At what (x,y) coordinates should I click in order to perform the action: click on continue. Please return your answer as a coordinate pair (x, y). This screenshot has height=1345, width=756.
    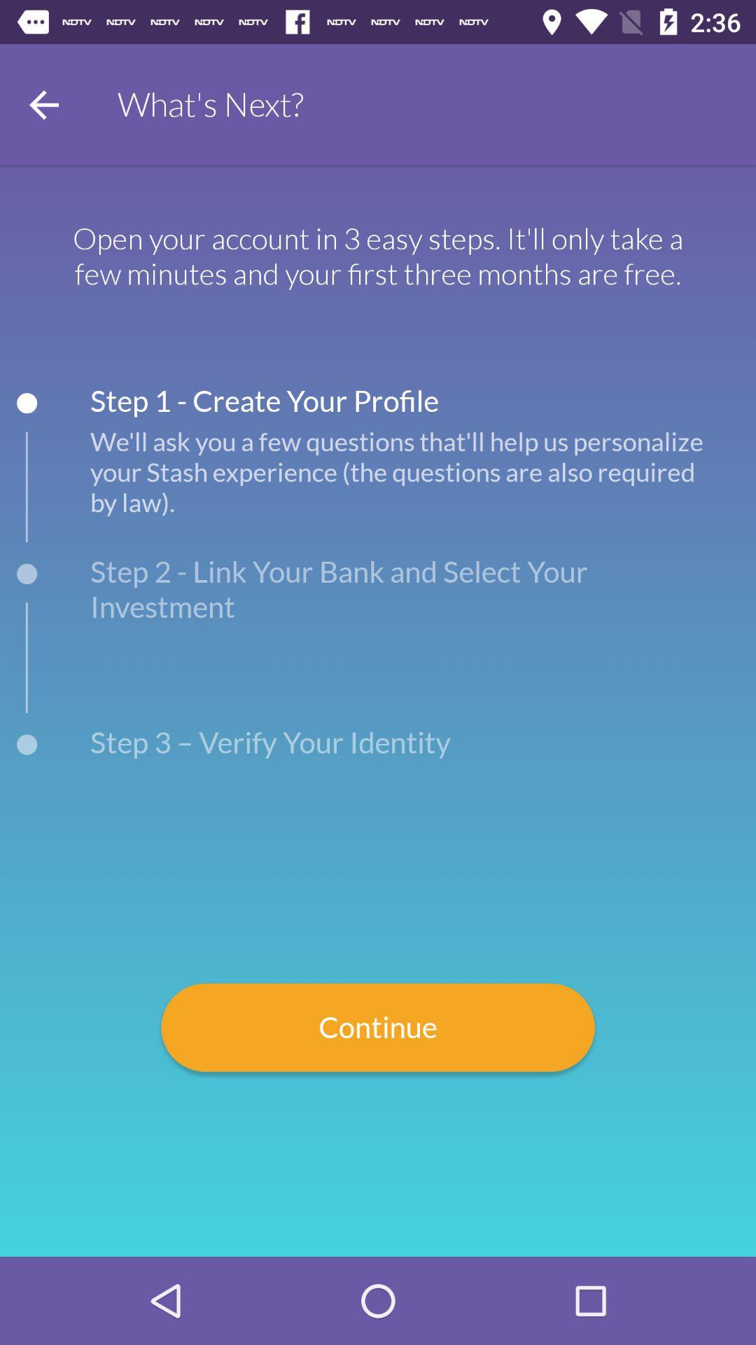
    Looking at the image, I should click on (378, 1028).